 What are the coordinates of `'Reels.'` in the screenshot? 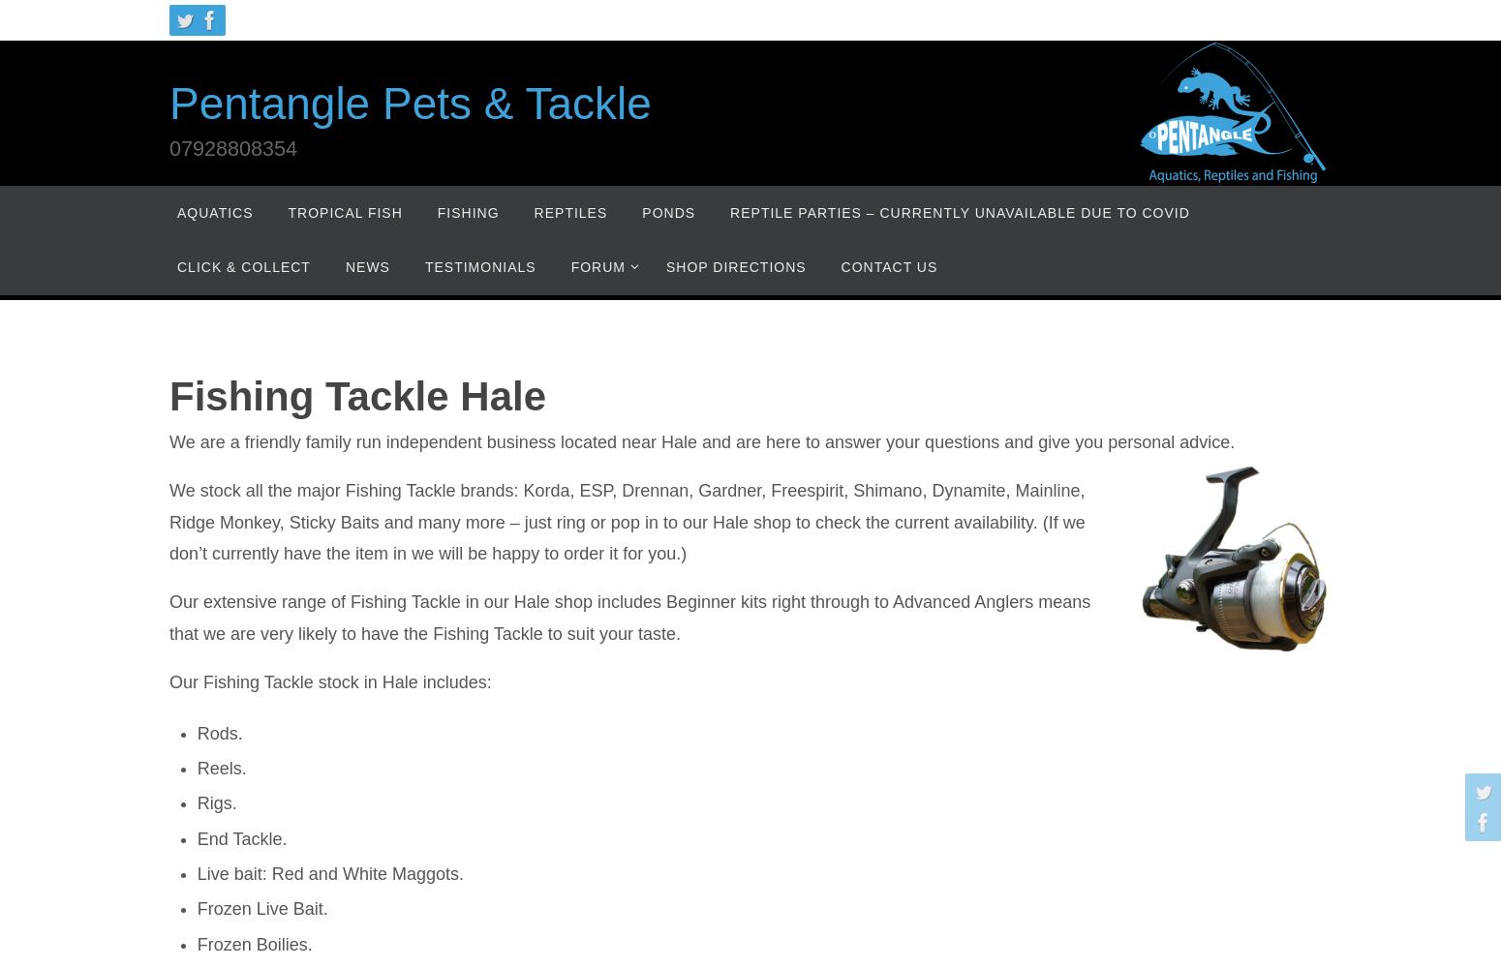 It's located at (220, 768).